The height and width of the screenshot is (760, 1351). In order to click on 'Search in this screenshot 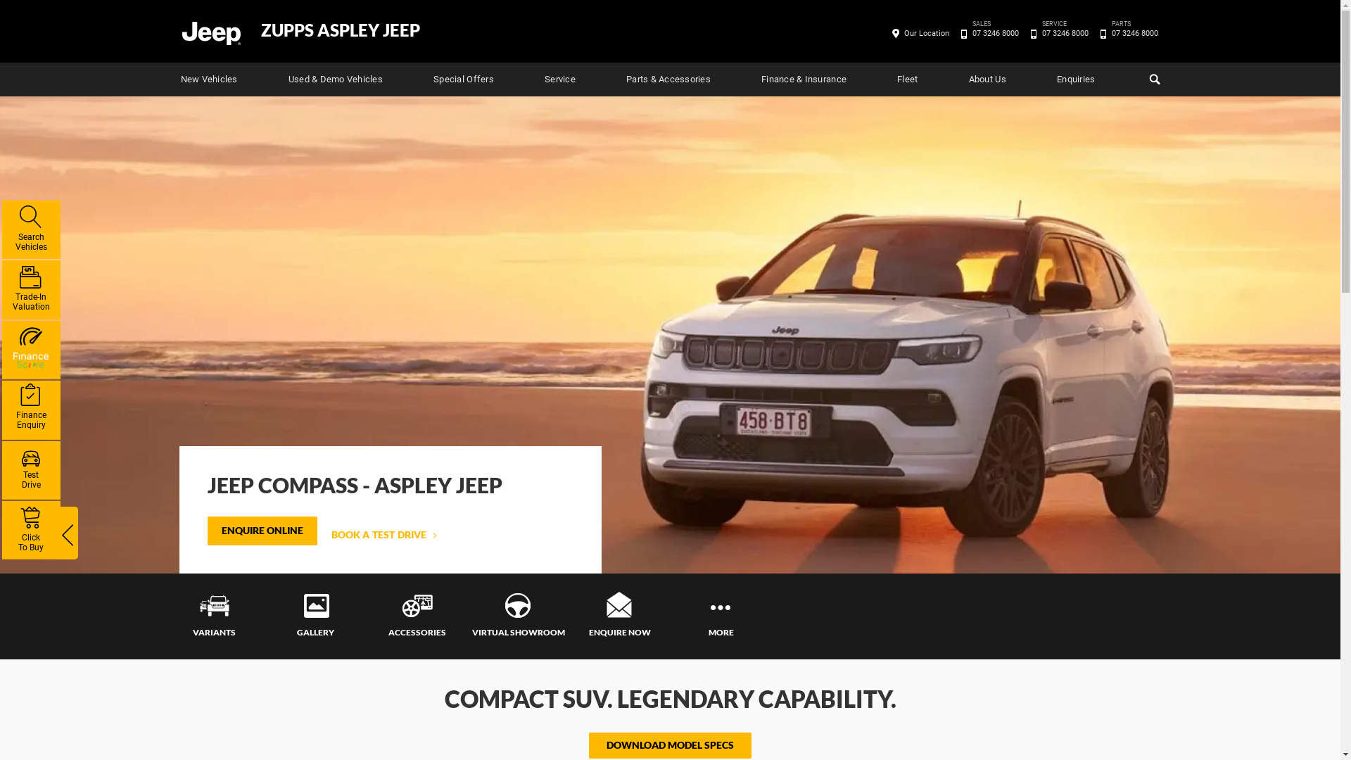, I will do `click(31, 229)`.